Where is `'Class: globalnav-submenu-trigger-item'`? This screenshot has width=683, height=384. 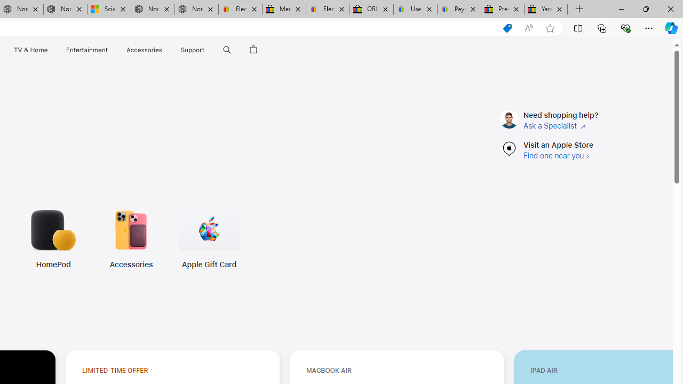
'Class: globalnav-submenu-trigger-item' is located at coordinates (207, 50).